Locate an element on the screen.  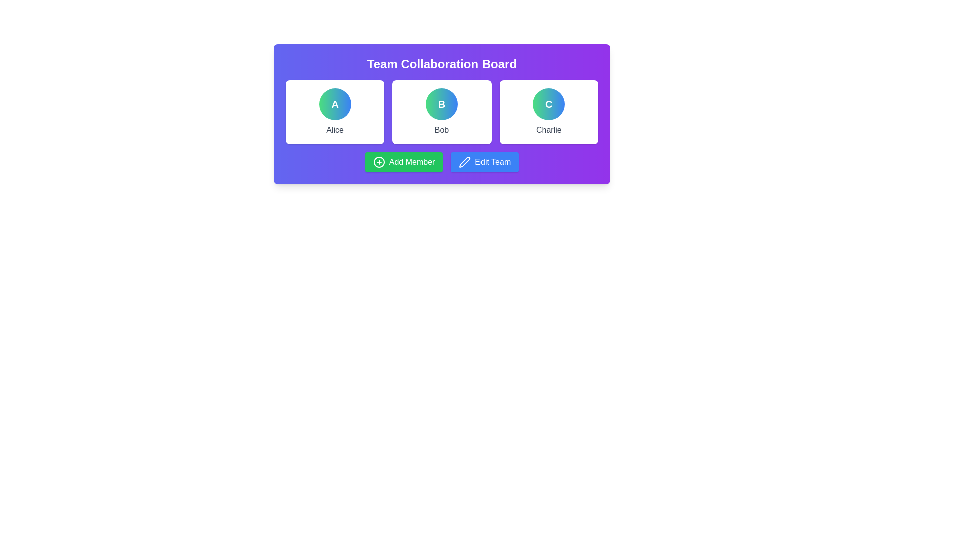
the addition sign icon within the 'Add Member' button, which is located on the left side of the button in the 'Team Collaboration Board' interface is located at coordinates (378, 162).